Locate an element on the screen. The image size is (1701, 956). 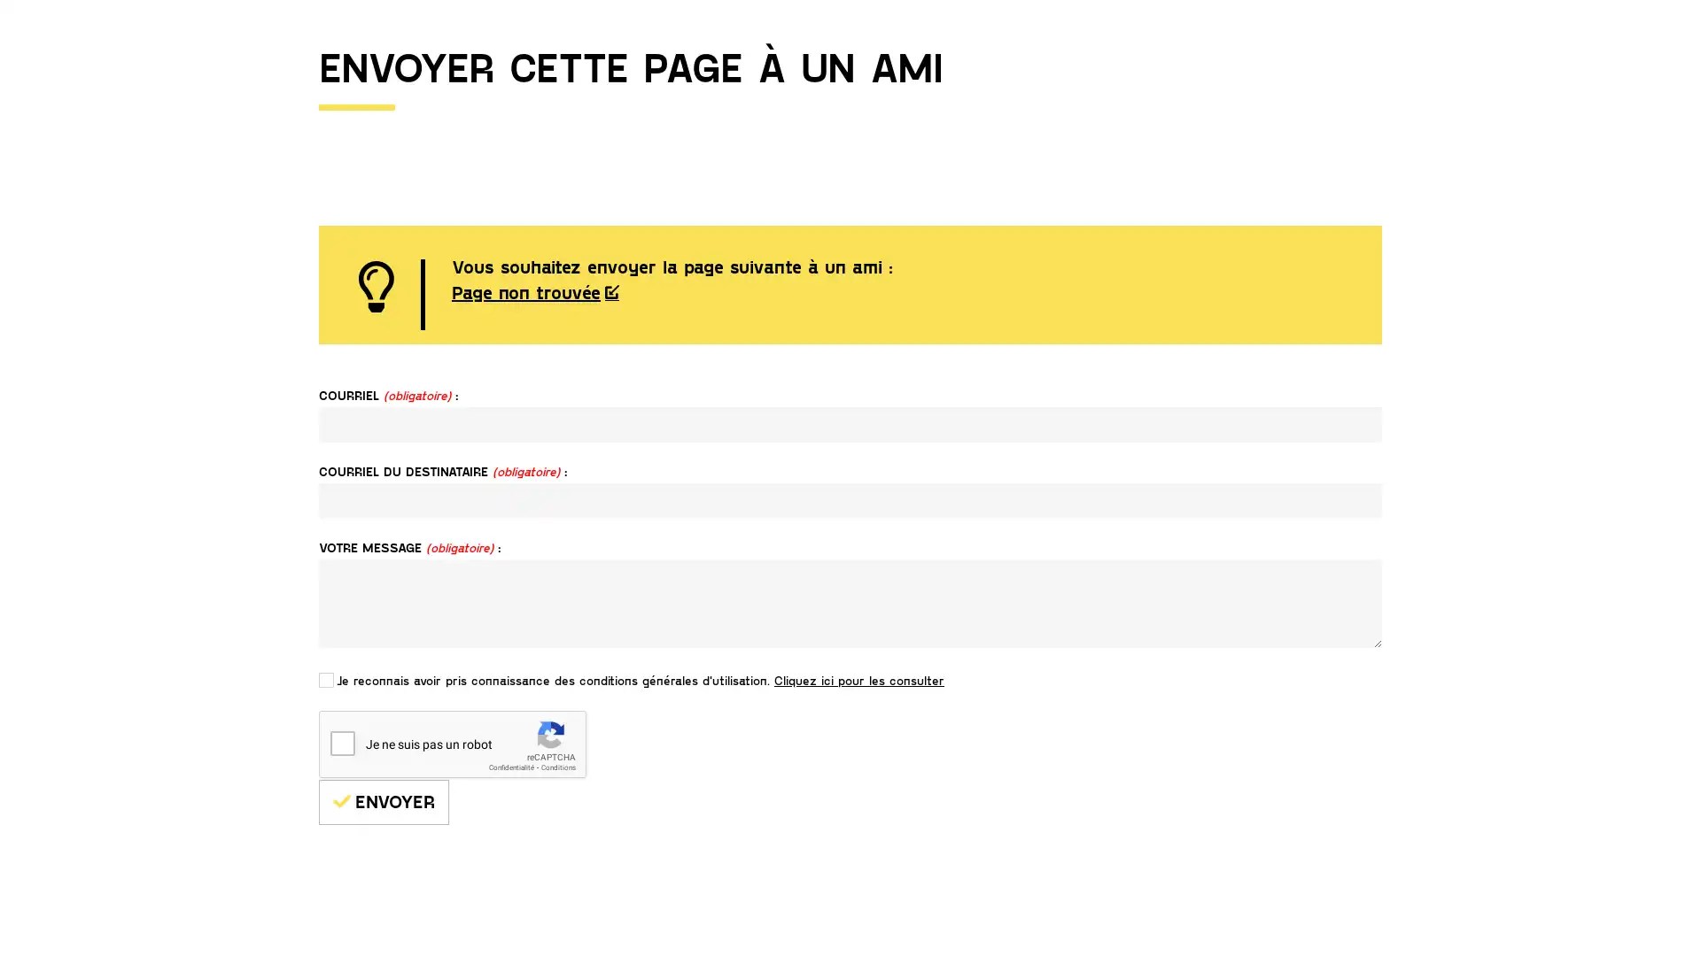
ENVOYER is located at coordinates (383, 801).